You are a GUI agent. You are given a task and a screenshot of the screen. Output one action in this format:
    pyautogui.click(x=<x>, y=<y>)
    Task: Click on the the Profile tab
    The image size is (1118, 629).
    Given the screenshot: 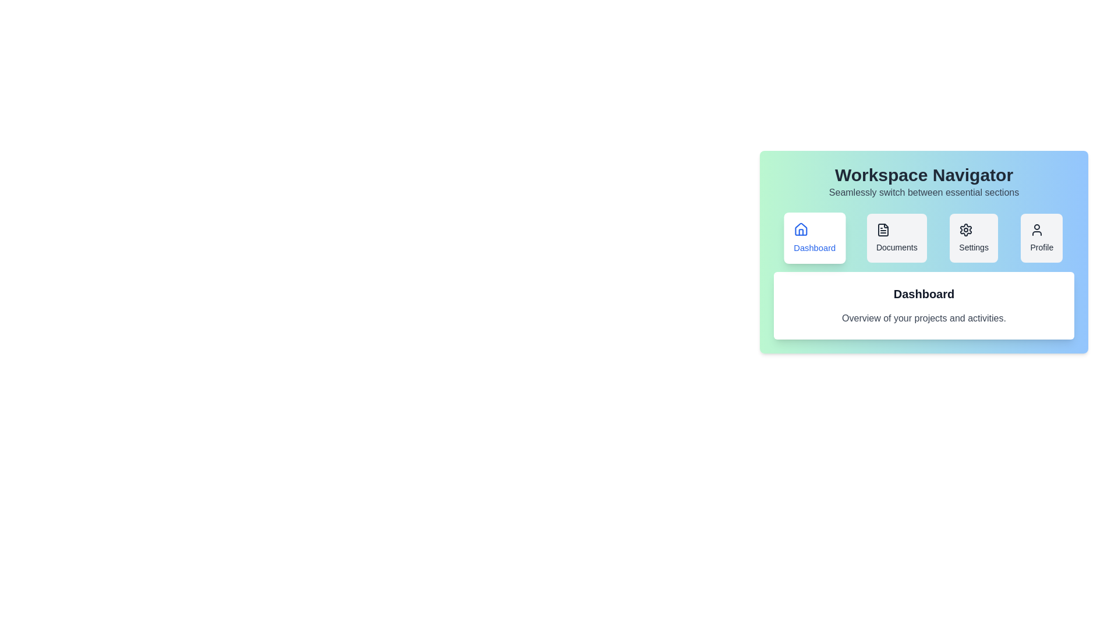 What is the action you would take?
    pyautogui.click(x=1042, y=237)
    